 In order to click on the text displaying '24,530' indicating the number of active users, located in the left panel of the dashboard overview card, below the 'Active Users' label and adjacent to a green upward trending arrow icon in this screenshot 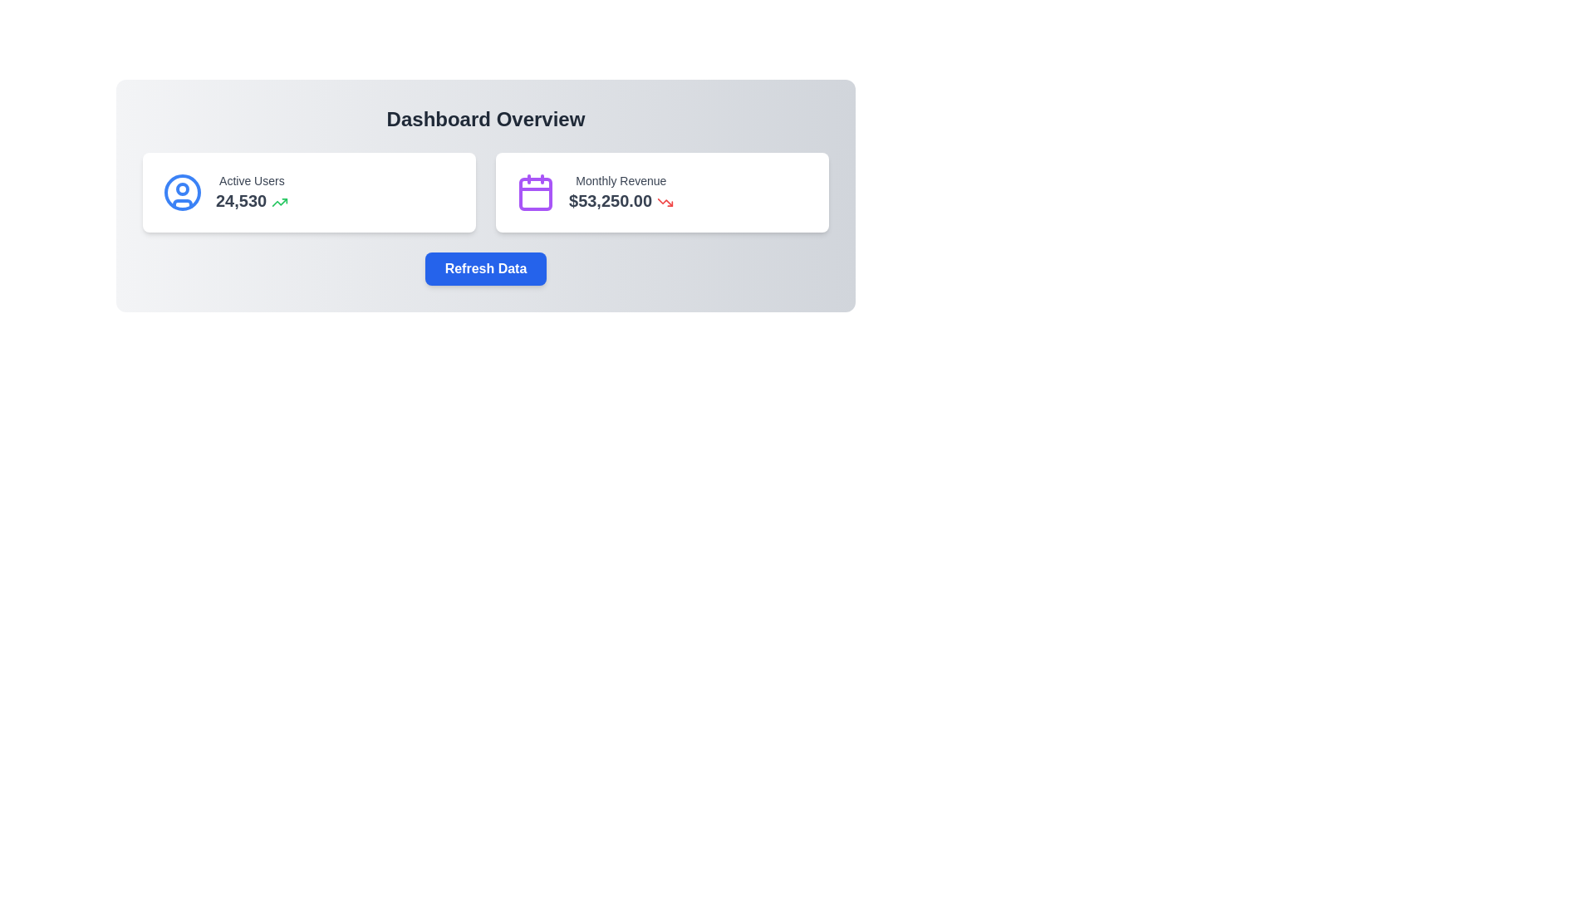, I will do `click(251, 200)`.